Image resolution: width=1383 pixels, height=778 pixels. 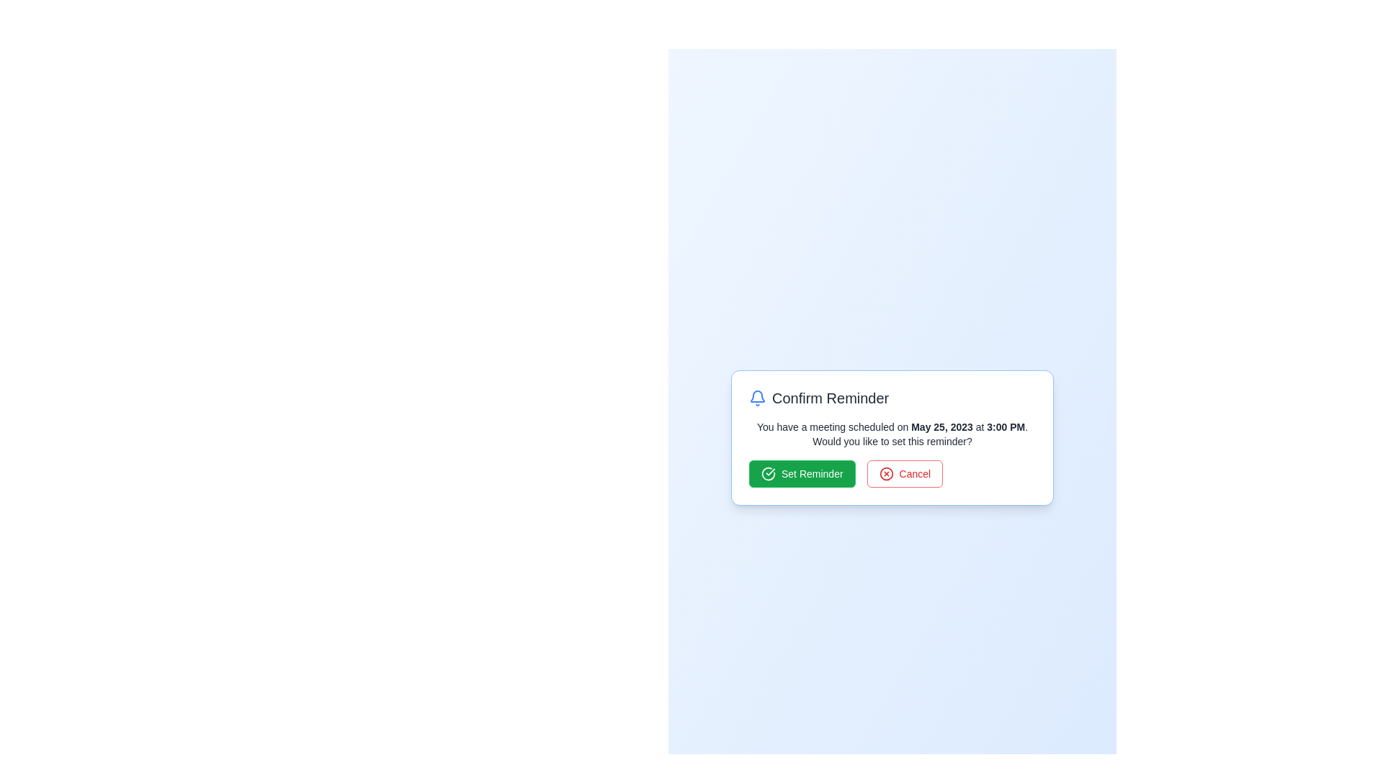 I want to click on the 'Cancel' button which contains the cancellation icon positioned to the left of the label 'Cancel' at the bottom-right of the confirmation dialog box, so click(x=885, y=474).